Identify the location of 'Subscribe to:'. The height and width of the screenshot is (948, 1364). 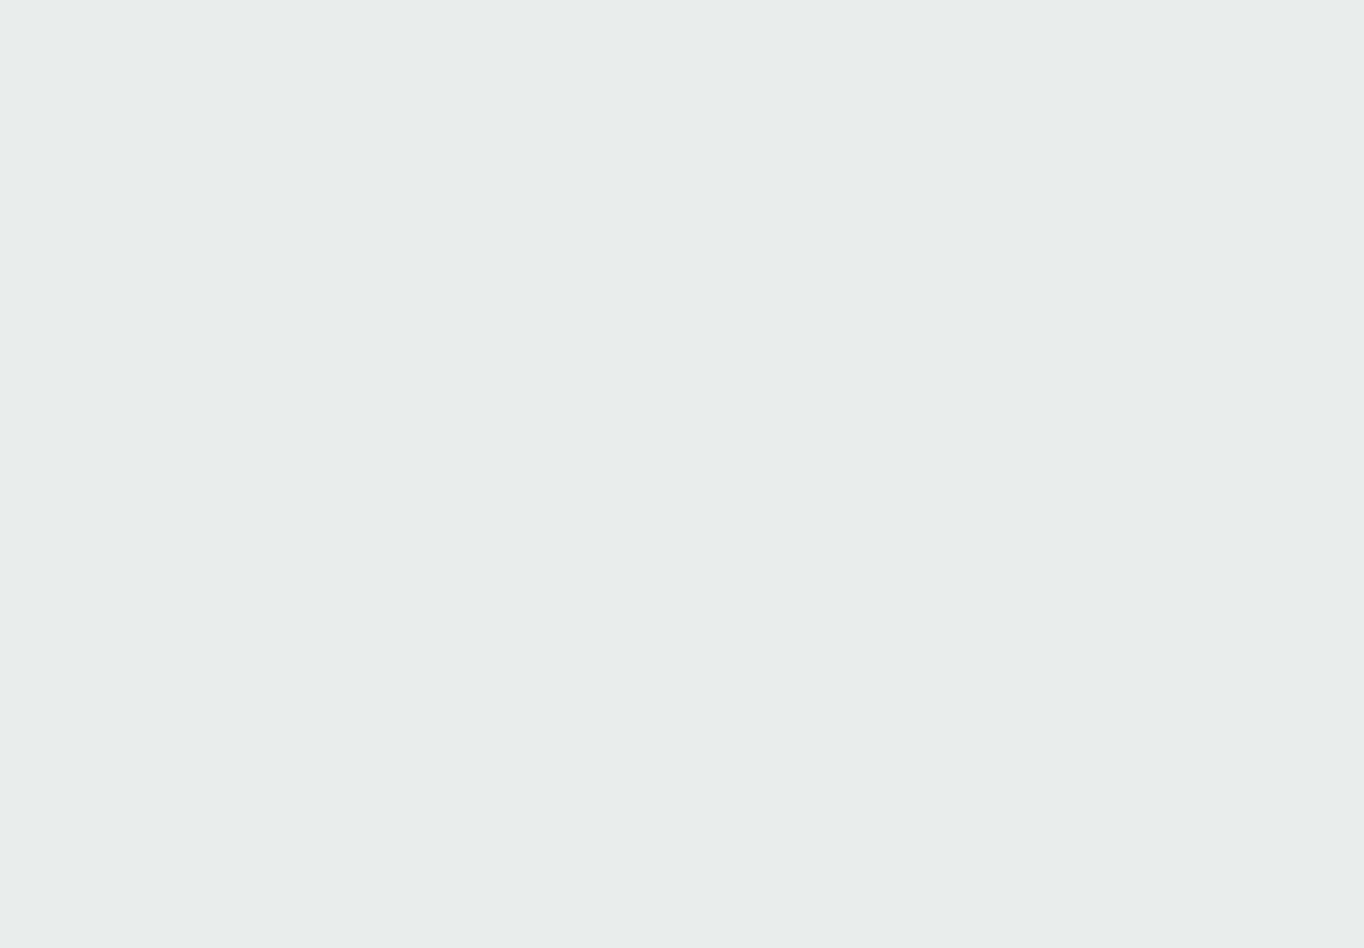
(235, 56).